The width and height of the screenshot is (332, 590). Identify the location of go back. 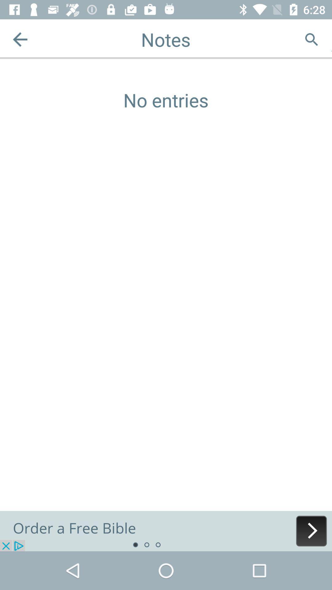
(20, 39).